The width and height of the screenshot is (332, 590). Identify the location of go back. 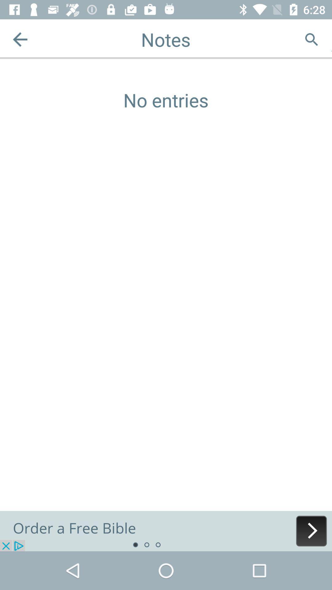
(20, 39).